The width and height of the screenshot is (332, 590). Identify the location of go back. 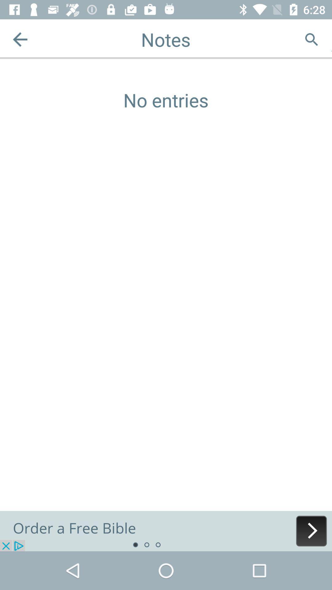
(20, 39).